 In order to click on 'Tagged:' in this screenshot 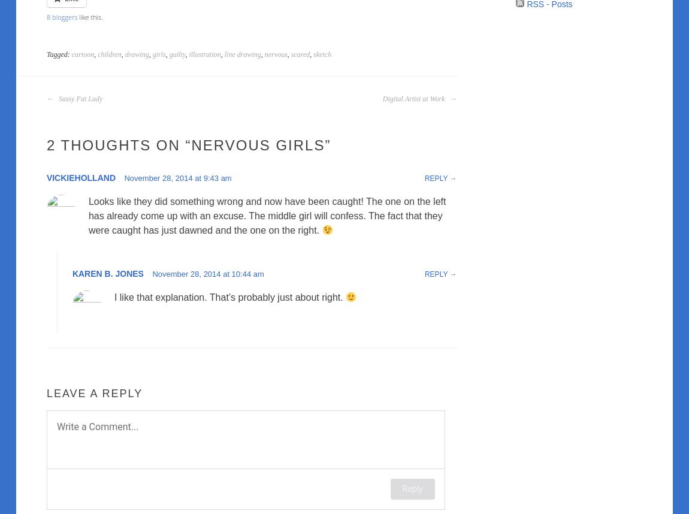, I will do `click(58, 55)`.